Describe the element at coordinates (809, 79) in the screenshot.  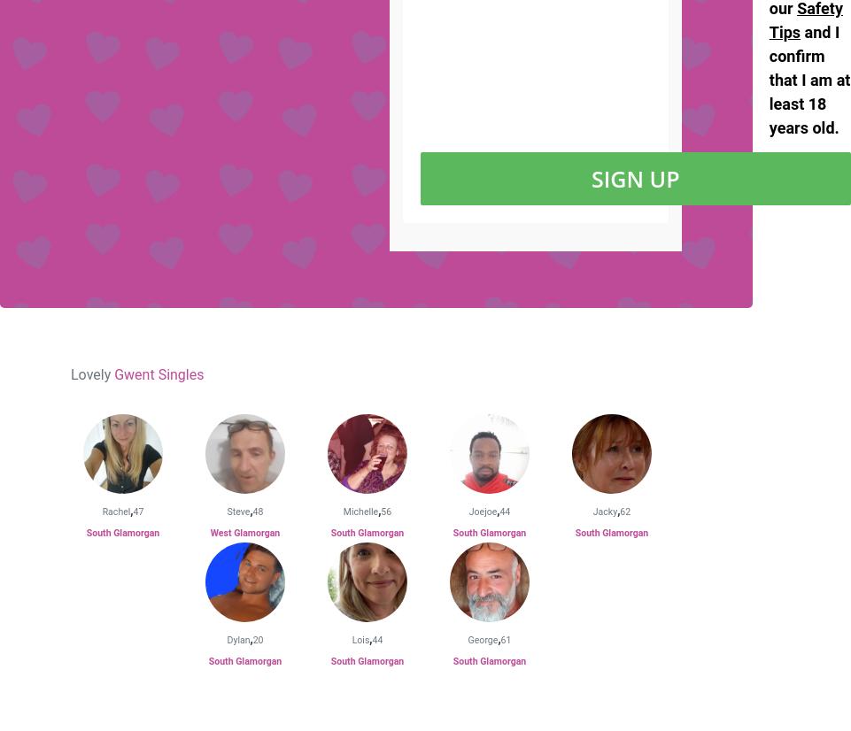
I see `'and I confirm that I am at least 18 years old.'` at that location.